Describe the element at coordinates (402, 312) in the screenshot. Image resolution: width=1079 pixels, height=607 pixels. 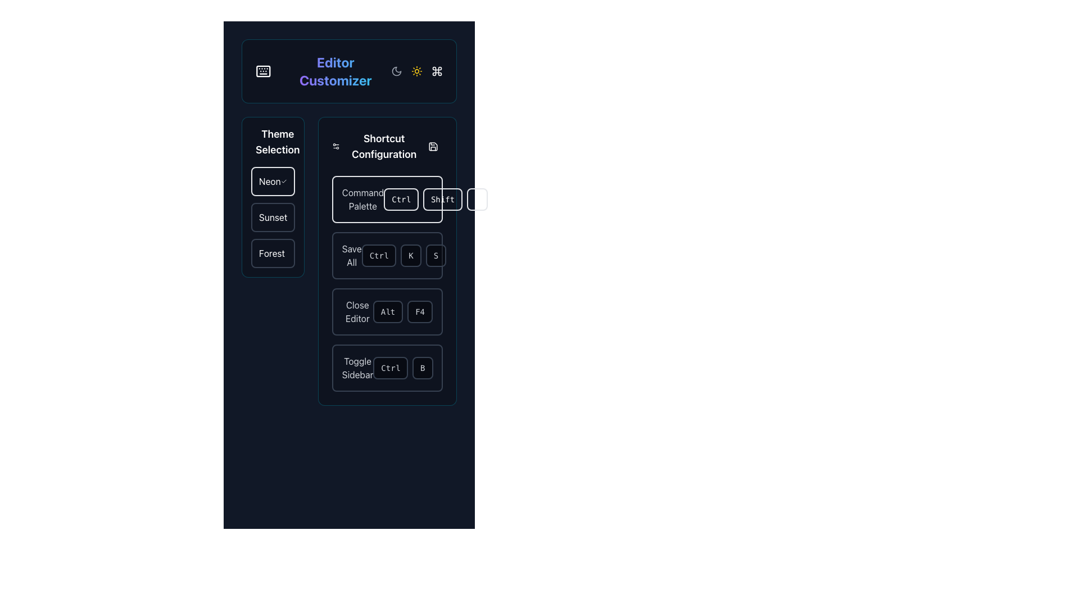
I see `the static text element displaying the keyboard shortcut 'Alt + F4' located in the 'Shortcut Configuration' section, positioned below 'Save All Ctrl K S' and above 'Toggle Sidebar Ctrl B'` at that location.